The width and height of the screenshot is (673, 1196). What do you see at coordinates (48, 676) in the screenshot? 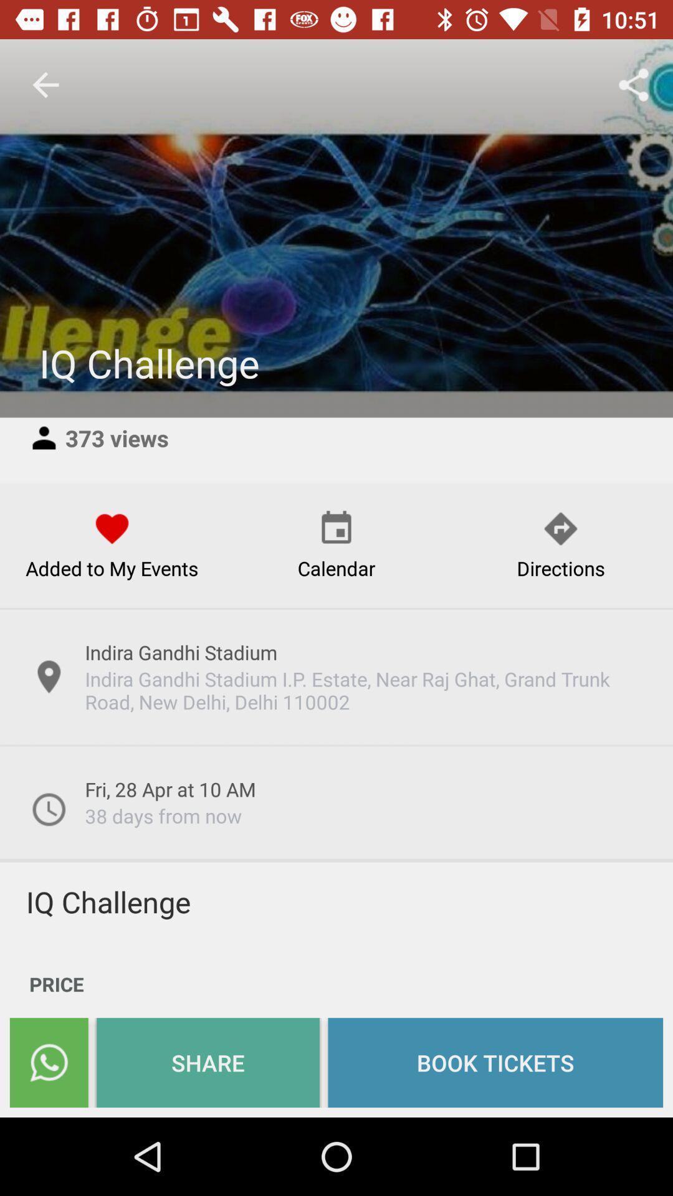
I see `the location icon` at bounding box center [48, 676].